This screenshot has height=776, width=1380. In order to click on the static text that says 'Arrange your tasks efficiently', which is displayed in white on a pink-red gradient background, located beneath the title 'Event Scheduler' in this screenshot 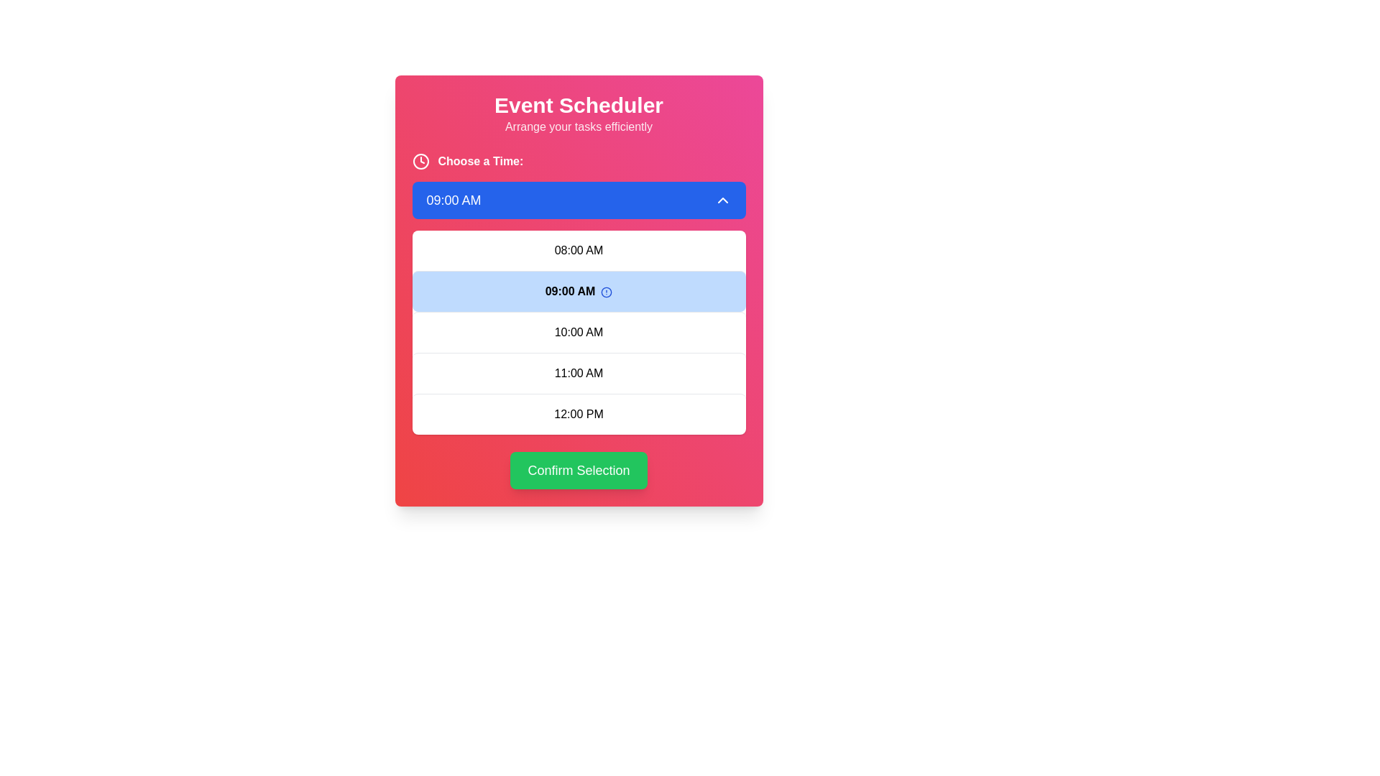, I will do `click(579, 126)`.